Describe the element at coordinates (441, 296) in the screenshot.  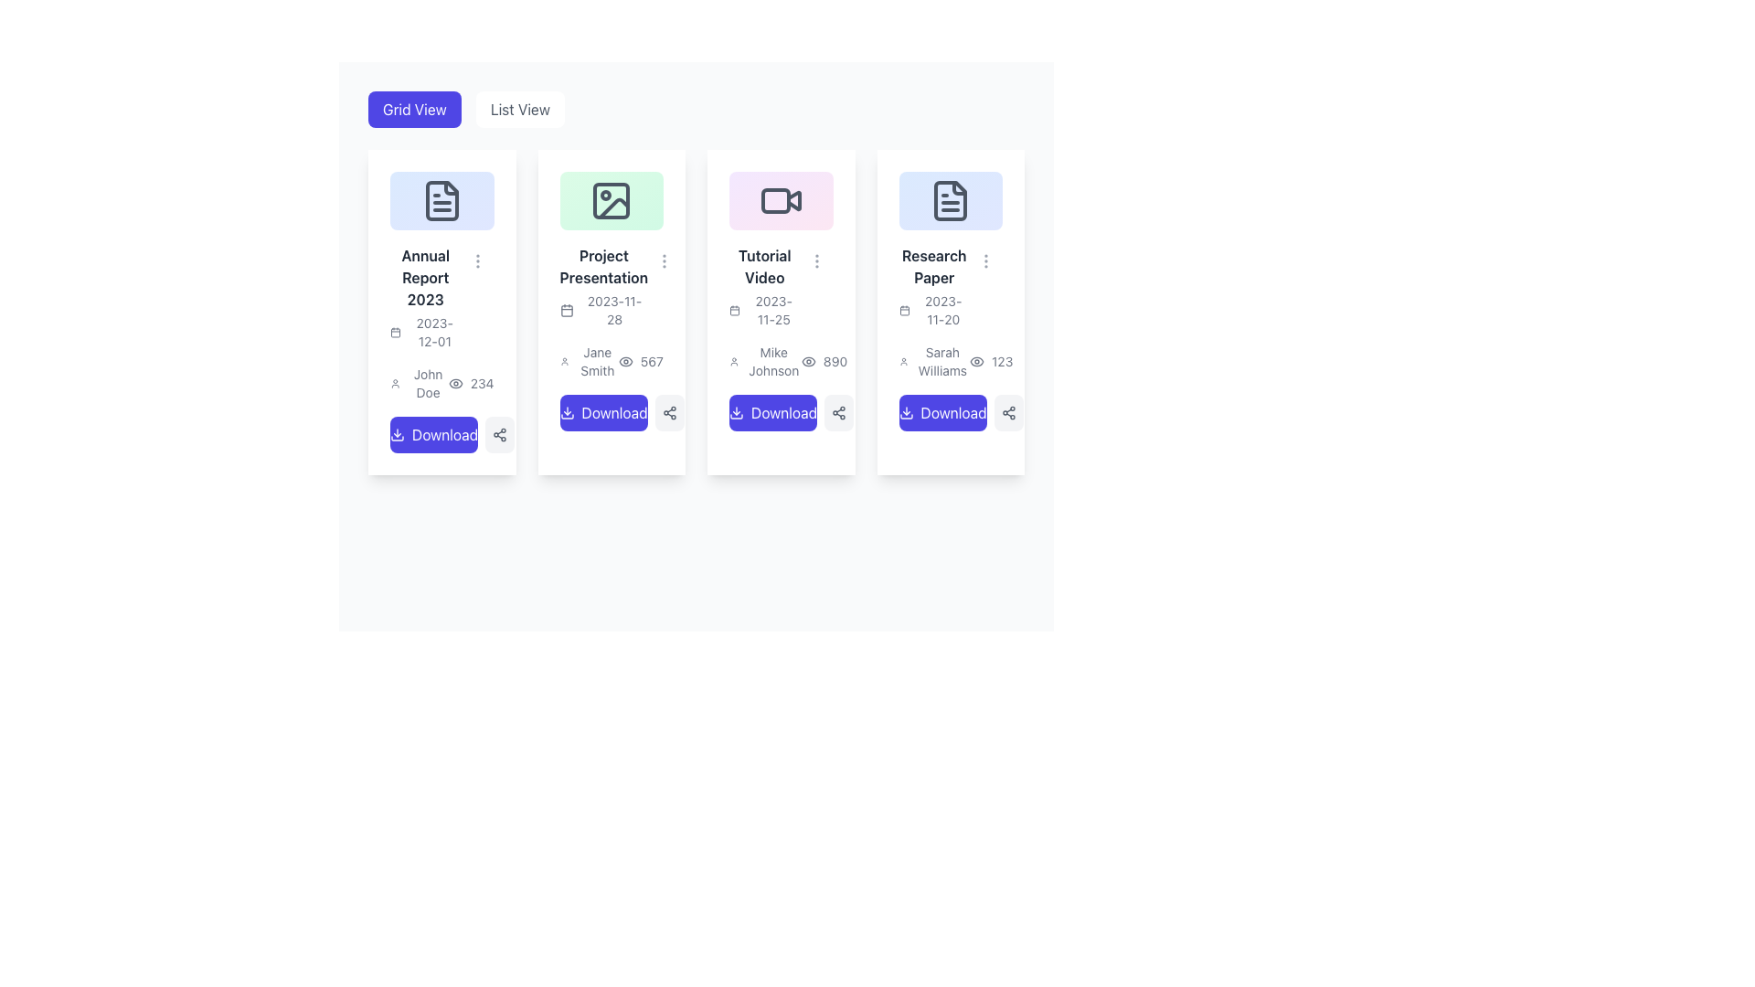
I see `the text label group that serves as a description and date label for the associated card, located above the user name and view count section in the first card of the grid layout` at that location.